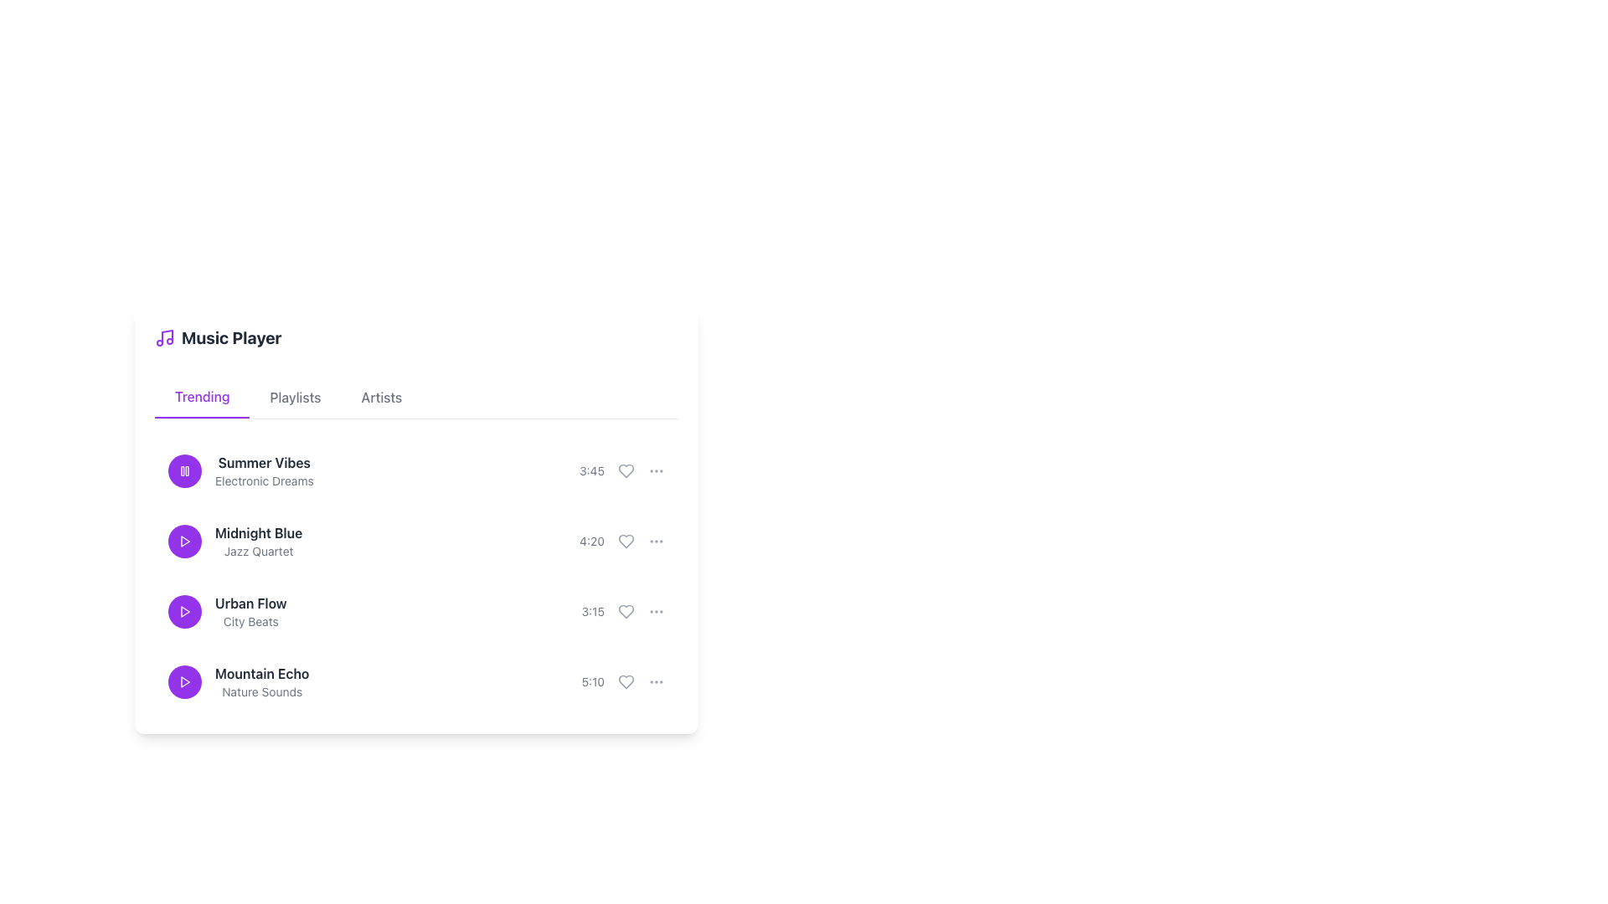  I want to click on the heart icon located to the right of the text '4:20', so click(626, 542).